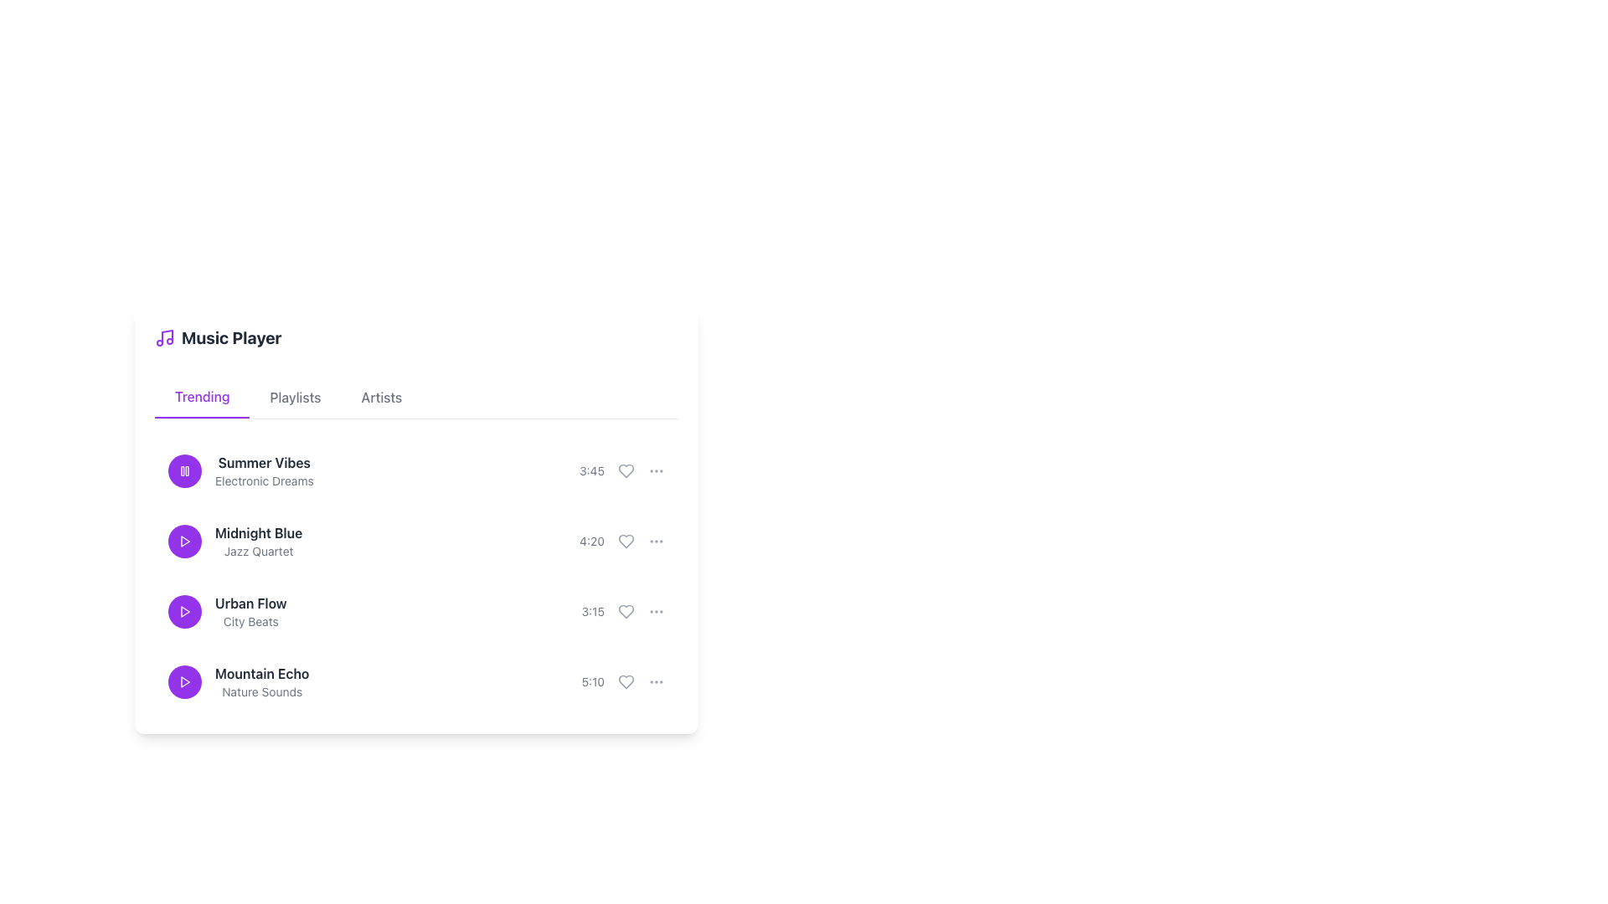  I want to click on the heart icon located to the right of the text '4:20', so click(626, 542).